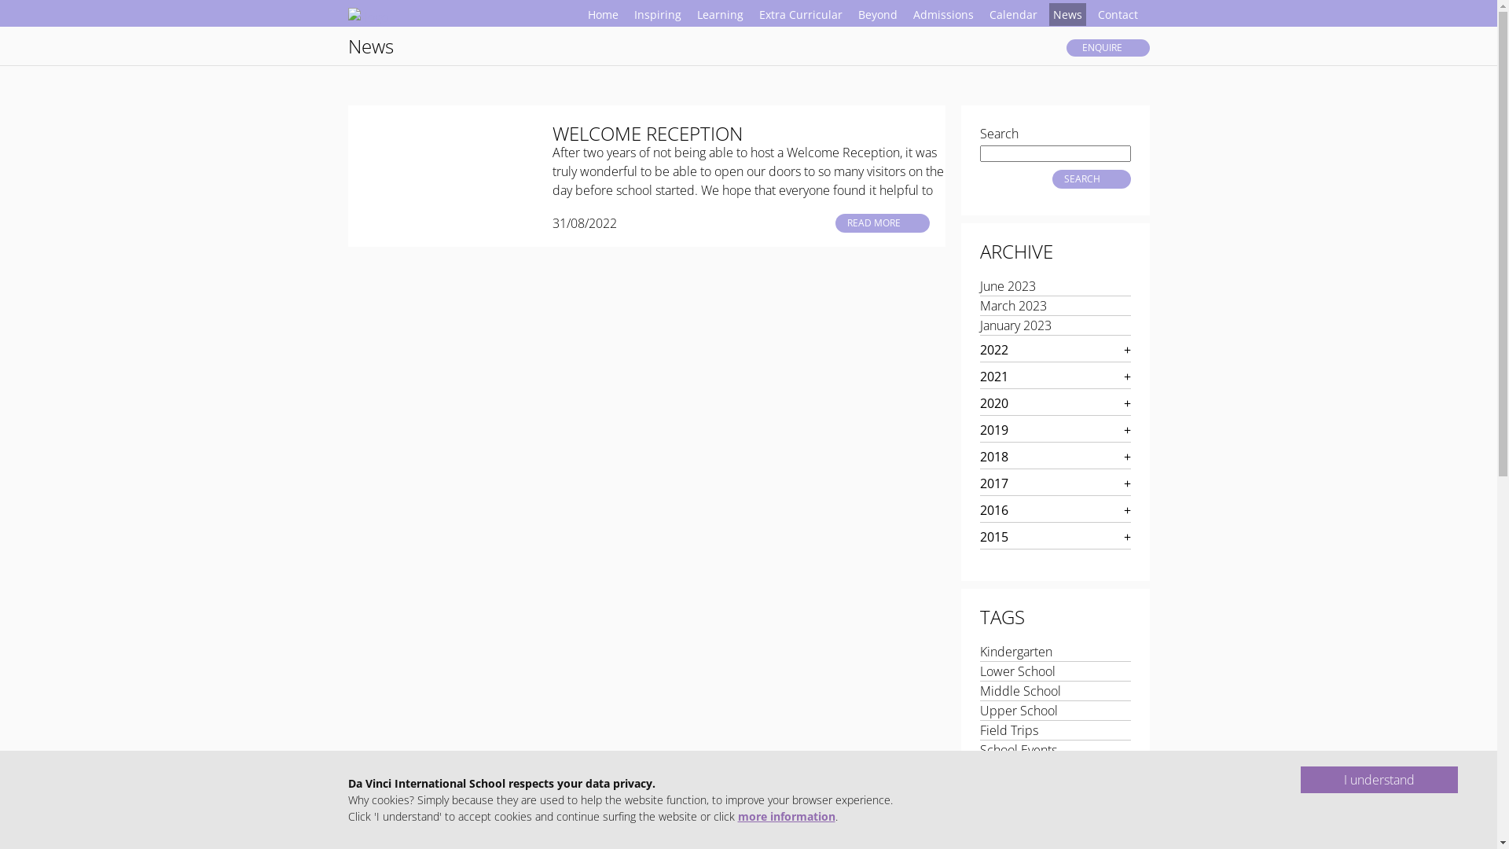  What do you see at coordinates (1008, 730) in the screenshot?
I see `'Field Trips'` at bounding box center [1008, 730].